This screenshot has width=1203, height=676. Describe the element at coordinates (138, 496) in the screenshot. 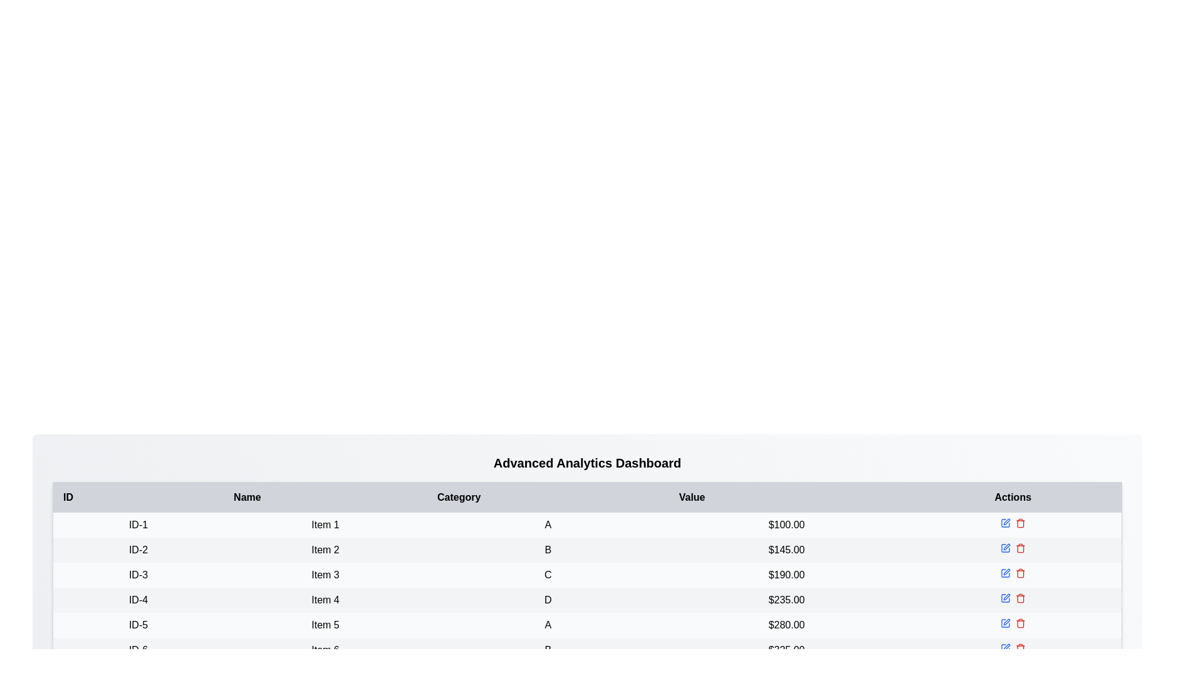

I see `the table header to sort by ID` at that location.